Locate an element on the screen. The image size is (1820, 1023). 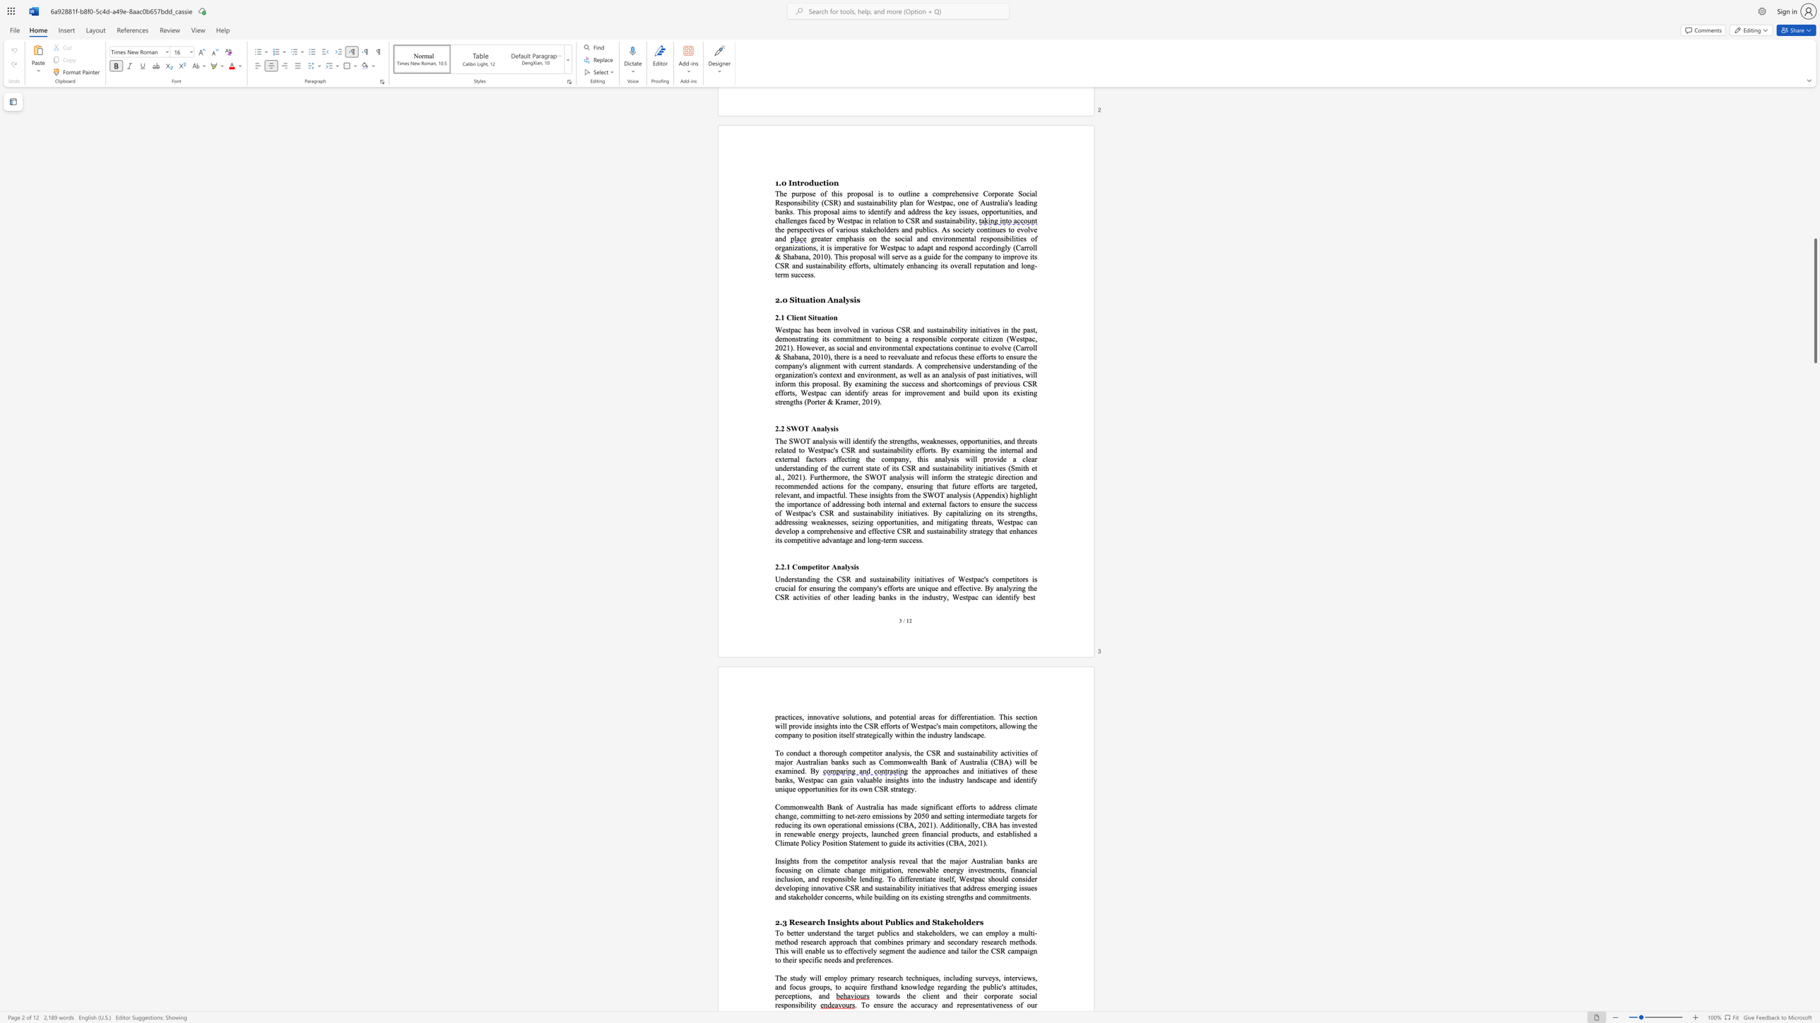
the subset text "about Publics and Stakehold" within the text "2.3 Research Insights about Publics and Stakeholders" is located at coordinates (861, 922).